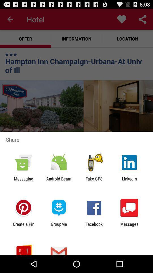 This screenshot has height=273, width=153. Describe the element at coordinates (58, 226) in the screenshot. I see `groupme item` at that location.